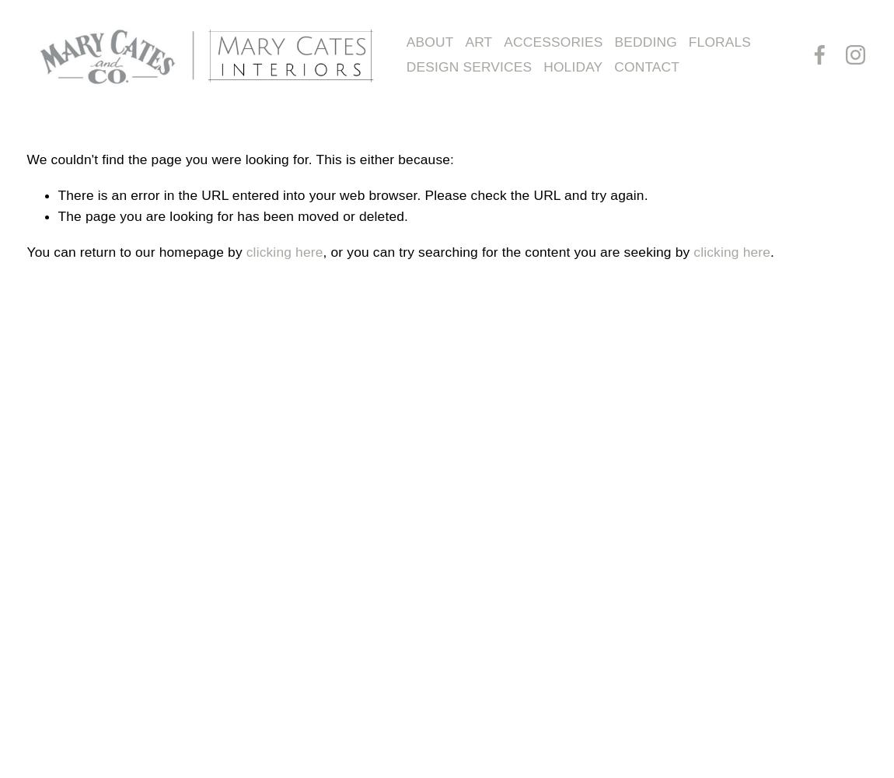  Describe the element at coordinates (352, 194) in the screenshot. I see `'There is an error in the URL entered into your web browser. Please check the URL and try again.'` at that location.